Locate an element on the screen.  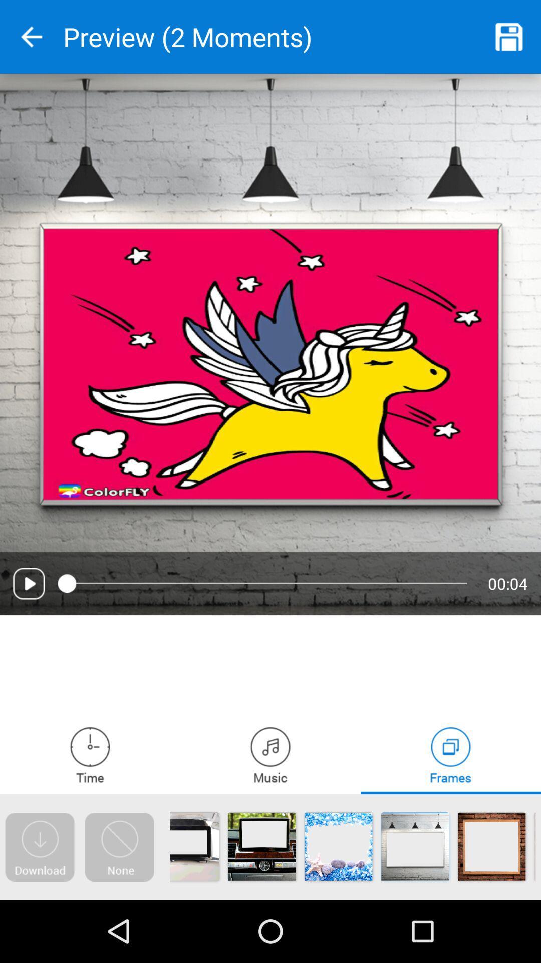
download the video is located at coordinates (39, 847).